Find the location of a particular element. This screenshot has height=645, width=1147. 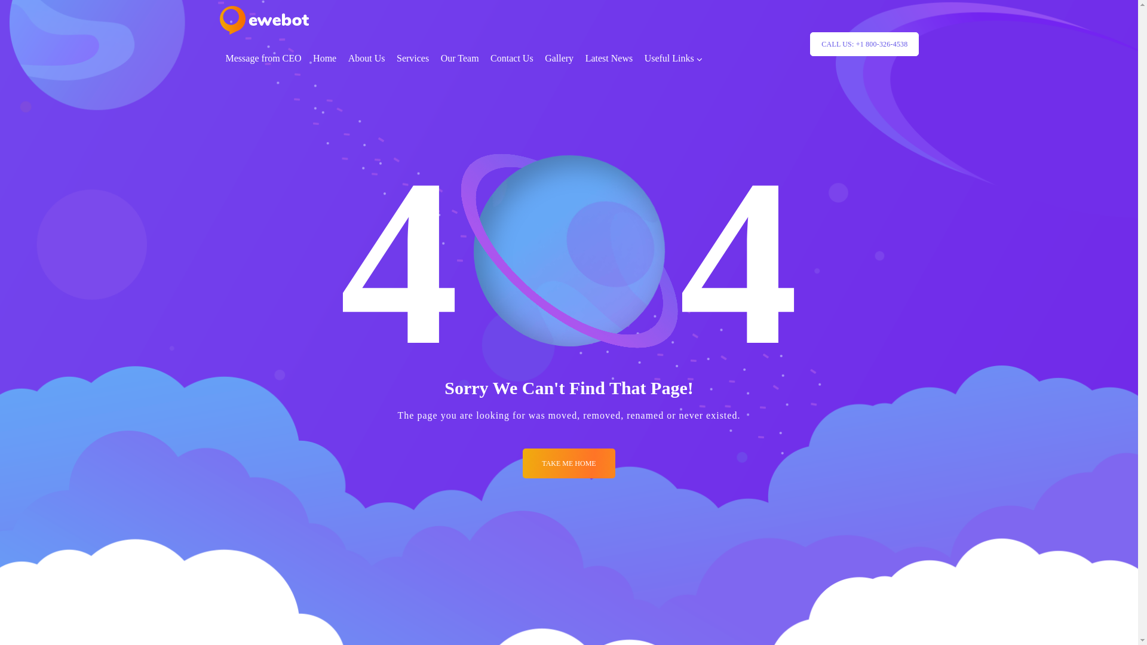

'CALL US: +1 800-326-4538' is located at coordinates (864, 43).